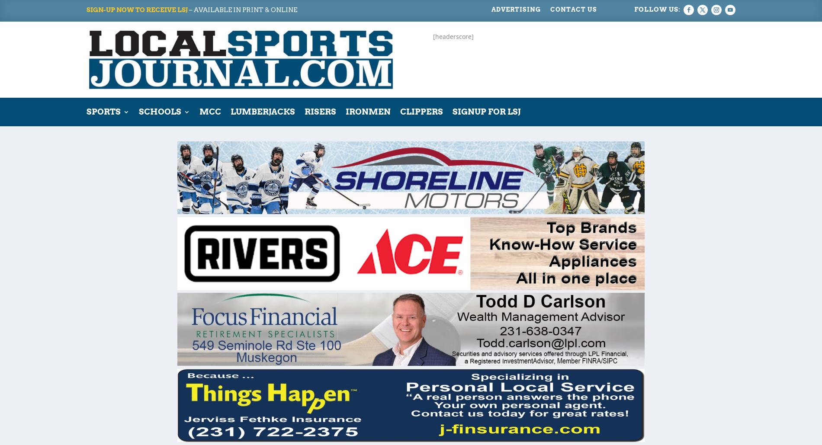  Describe the element at coordinates (136, 10) in the screenshot. I see `'SIGN-UP NOW TO RECEIVE LSJ'` at that location.